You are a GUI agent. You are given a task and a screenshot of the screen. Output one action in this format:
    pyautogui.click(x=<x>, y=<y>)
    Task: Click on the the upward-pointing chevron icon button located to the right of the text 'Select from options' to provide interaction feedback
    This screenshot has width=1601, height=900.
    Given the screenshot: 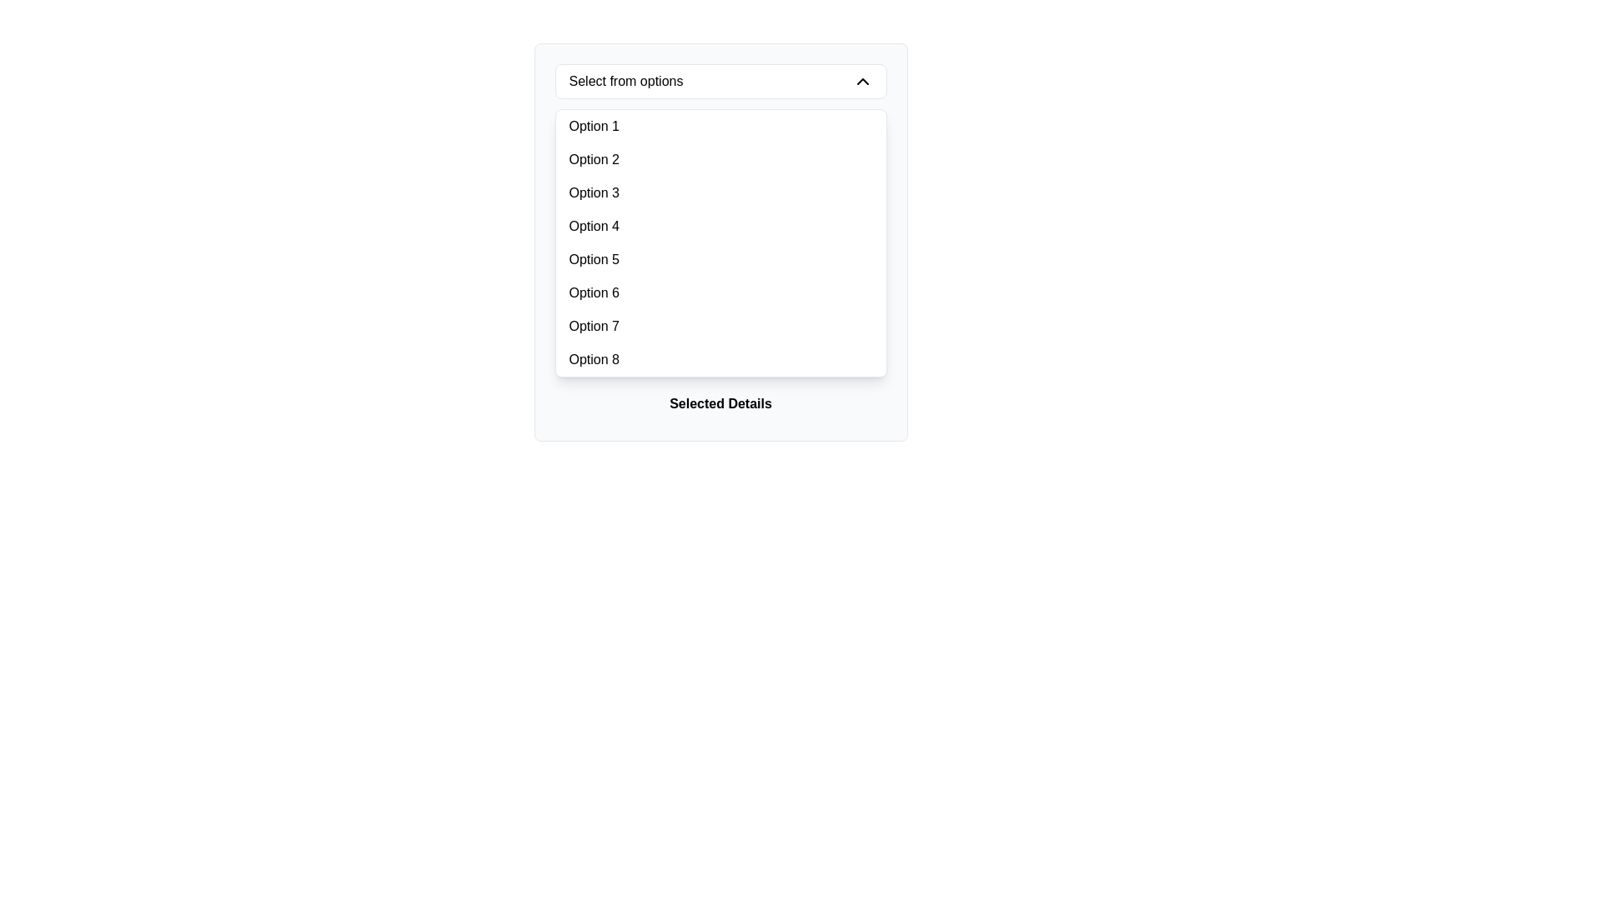 What is the action you would take?
    pyautogui.click(x=862, y=81)
    